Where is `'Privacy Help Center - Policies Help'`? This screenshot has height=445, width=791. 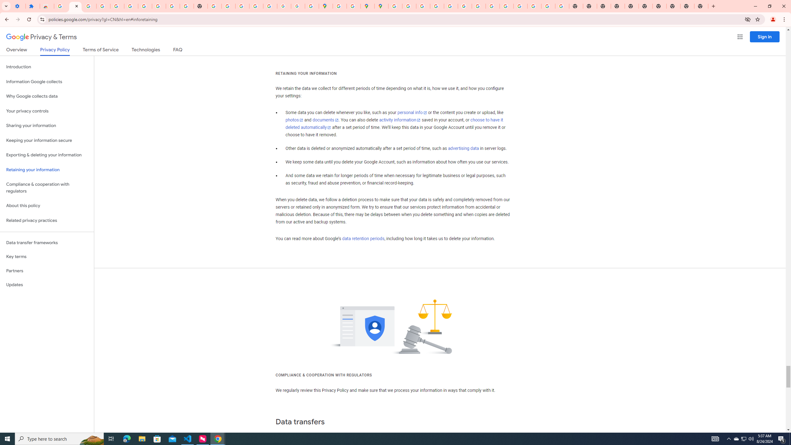
'Privacy Help Center - Policies Help' is located at coordinates (423, 6).